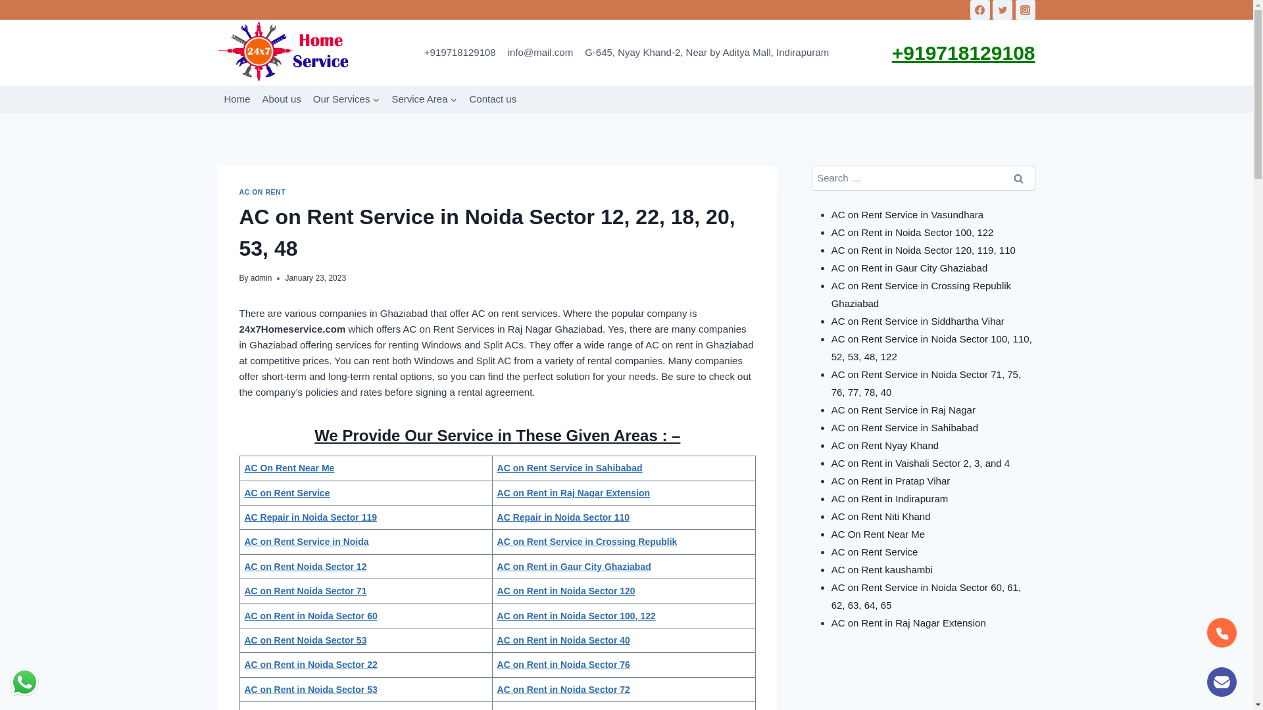 The width and height of the screenshot is (1263, 710). I want to click on 'AC on Rent in Gaur City Ghaziabad', so click(908, 266).